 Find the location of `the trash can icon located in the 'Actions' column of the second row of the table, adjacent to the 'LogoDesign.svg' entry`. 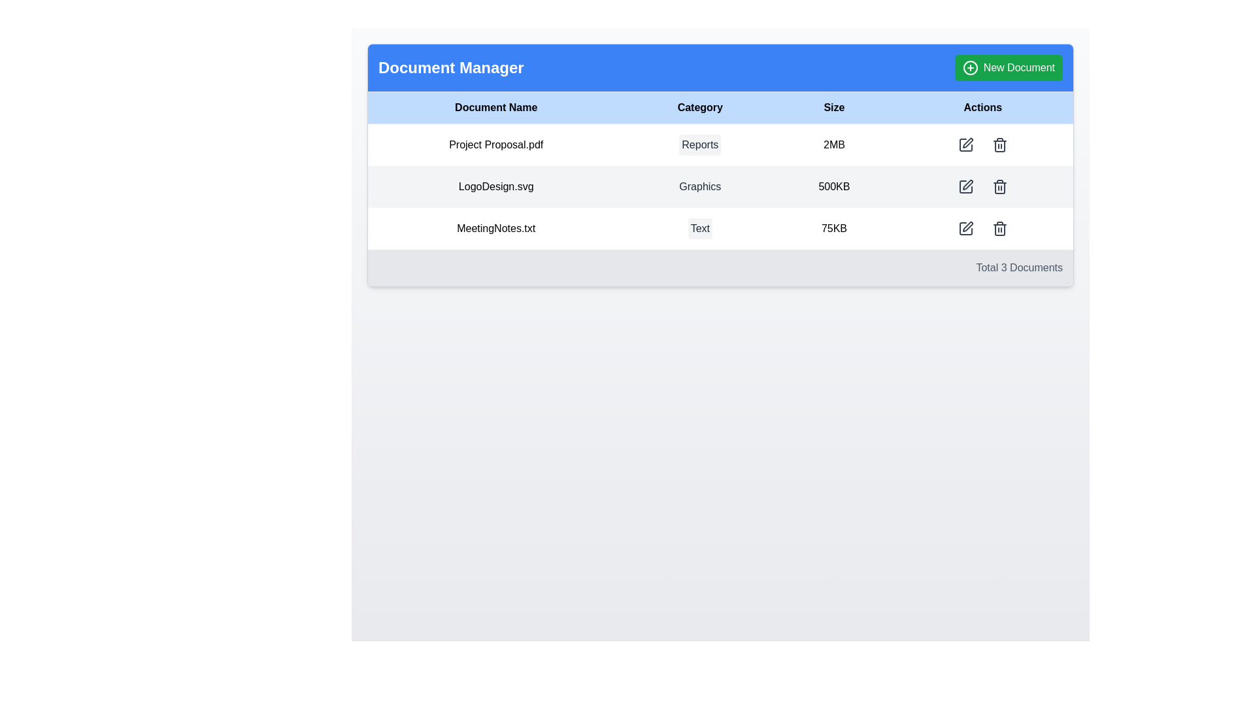

the trash can icon located in the 'Actions' column of the second row of the table, adjacent to the 'LogoDesign.svg' entry is located at coordinates (999, 186).